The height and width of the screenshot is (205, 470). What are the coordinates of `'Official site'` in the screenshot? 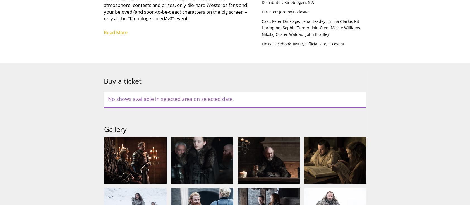 It's located at (315, 43).